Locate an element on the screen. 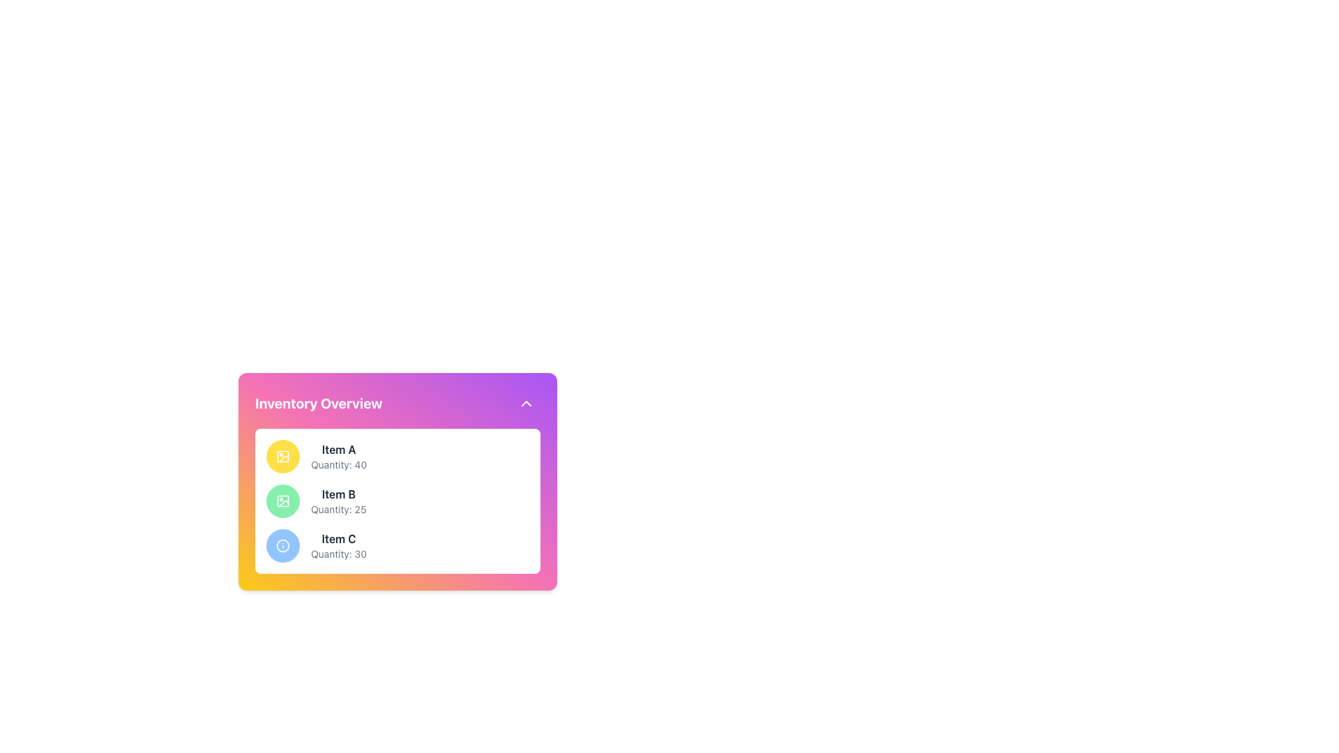 Image resolution: width=1339 pixels, height=753 pixels. the text label displaying the quantity information for 'Item A' in the inventory list, which is located directly below the title 'Item A' is located at coordinates (339, 465).